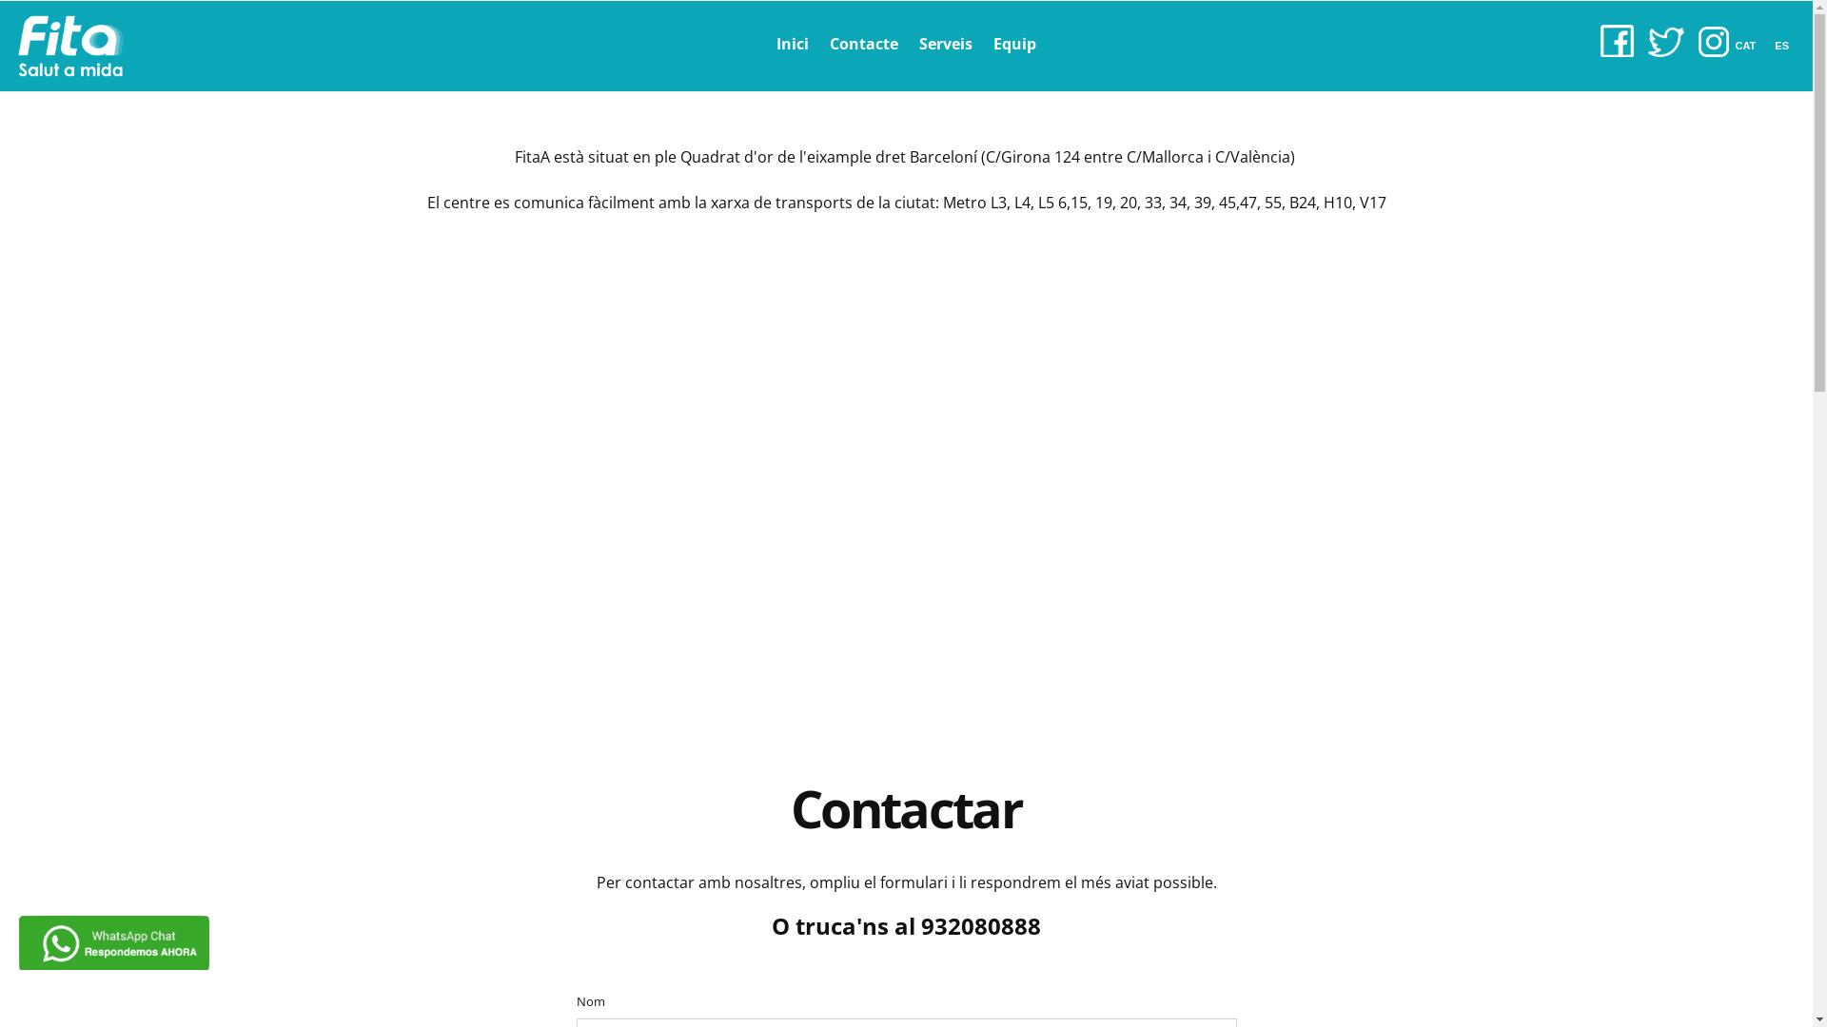 The width and height of the screenshot is (1827, 1027). Describe the element at coordinates (945, 43) in the screenshot. I see `'Serveis'` at that location.